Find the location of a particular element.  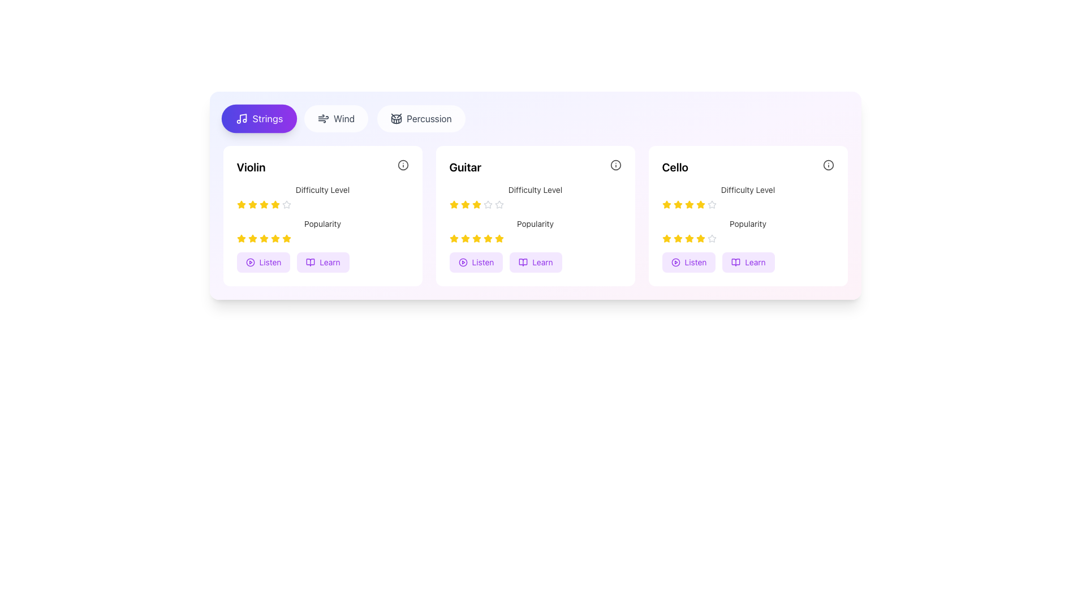

the fifth star icon in the 'Popularity' section of the 'Violin' card is located at coordinates (263, 238).